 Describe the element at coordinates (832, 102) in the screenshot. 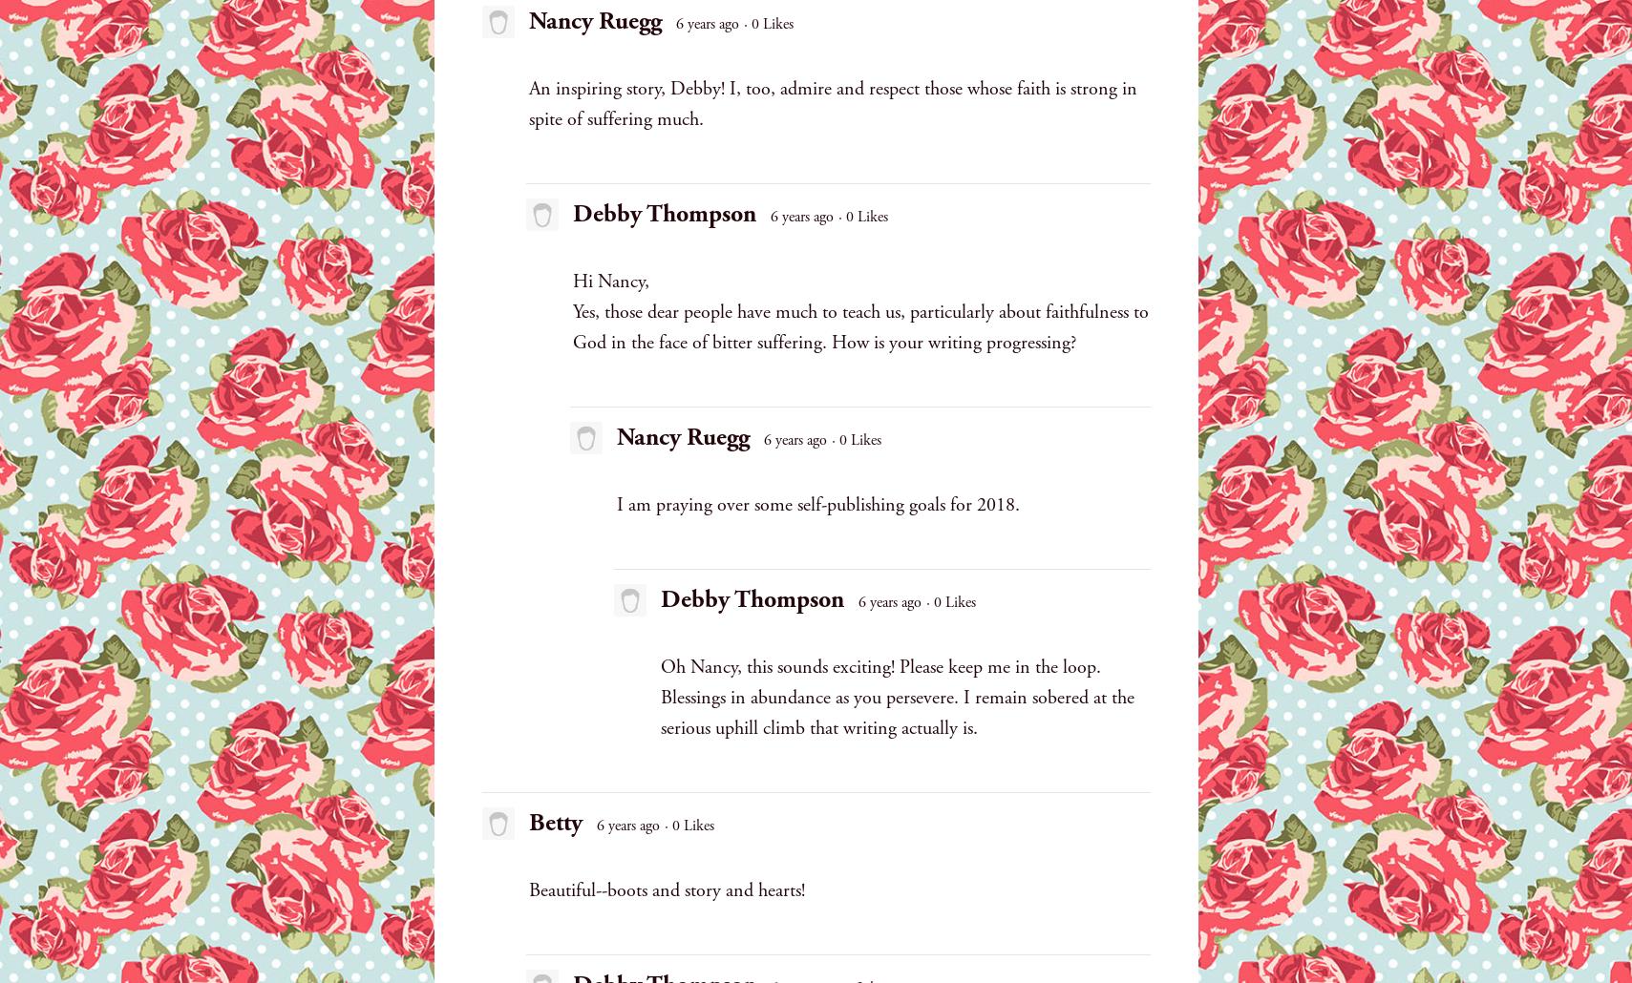

I see `'An inspiring story, Debby! I, too, admire and respect those whose faith is strong in spite of suffering much.'` at that location.